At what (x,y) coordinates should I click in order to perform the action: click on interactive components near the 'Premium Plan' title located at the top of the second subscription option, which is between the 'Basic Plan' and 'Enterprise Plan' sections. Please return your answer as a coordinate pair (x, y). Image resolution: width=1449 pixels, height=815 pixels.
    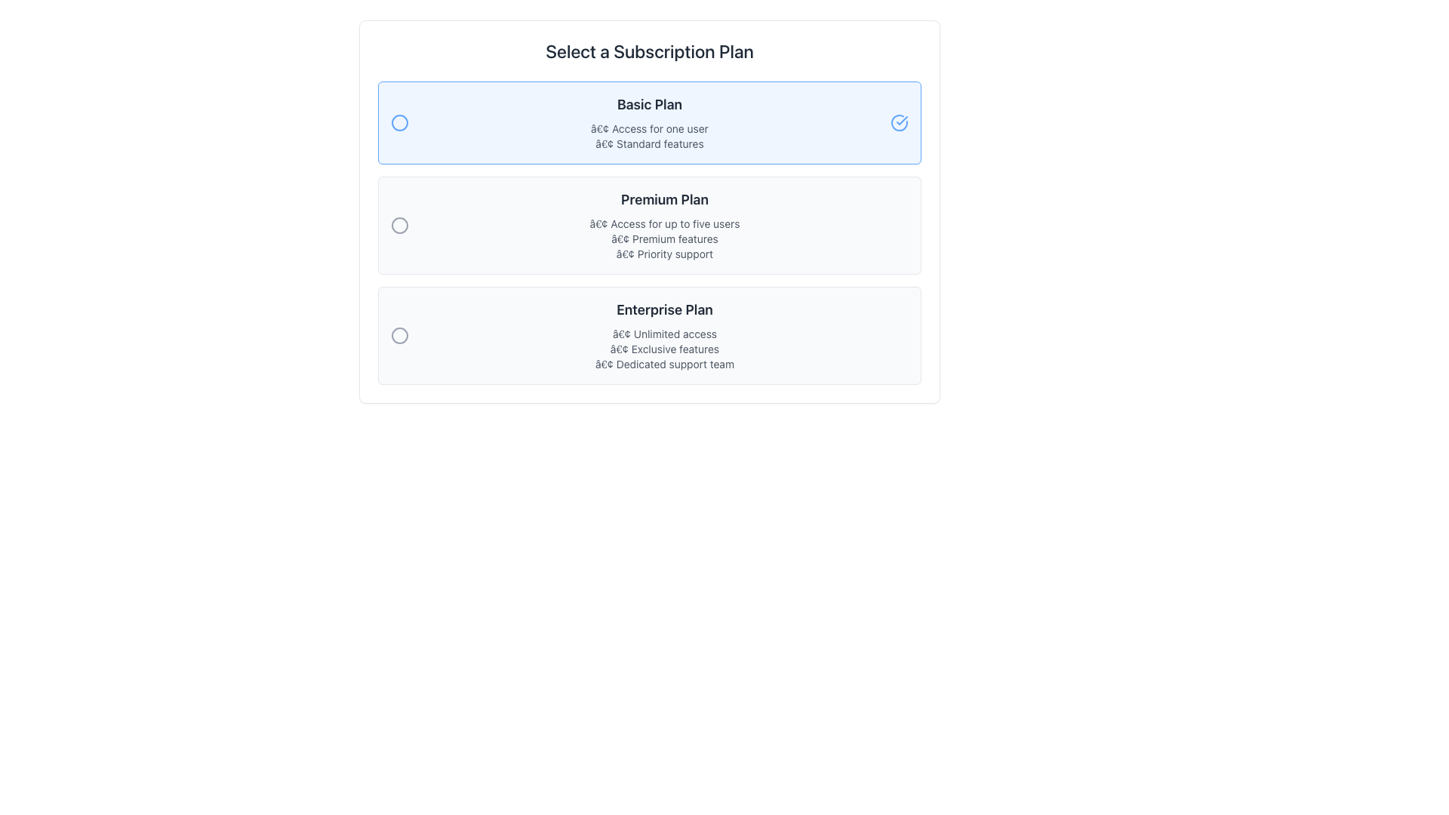
    Looking at the image, I should click on (664, 199).